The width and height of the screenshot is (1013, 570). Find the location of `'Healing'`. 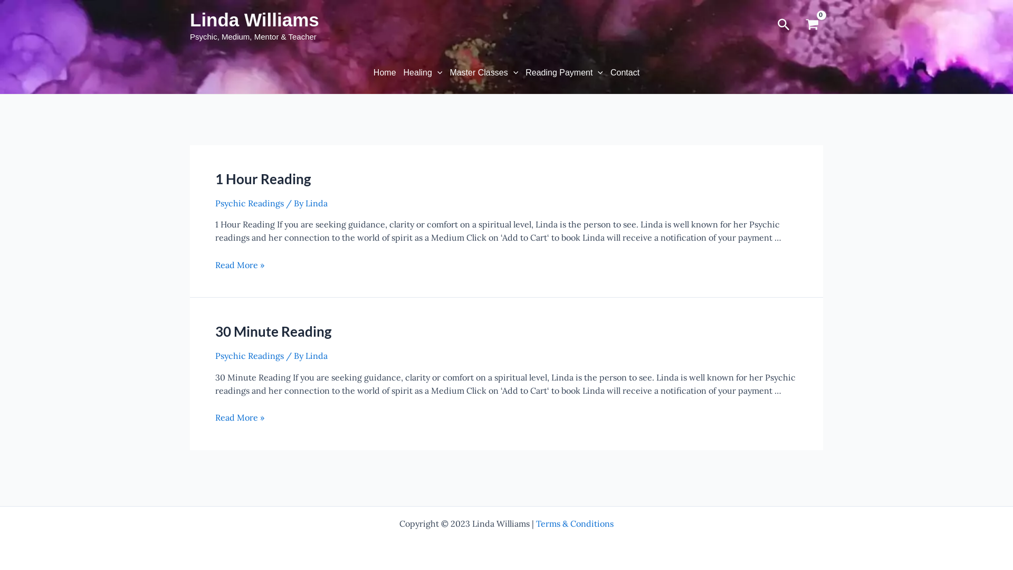

'Healing' is located at coordinates (423, 72).